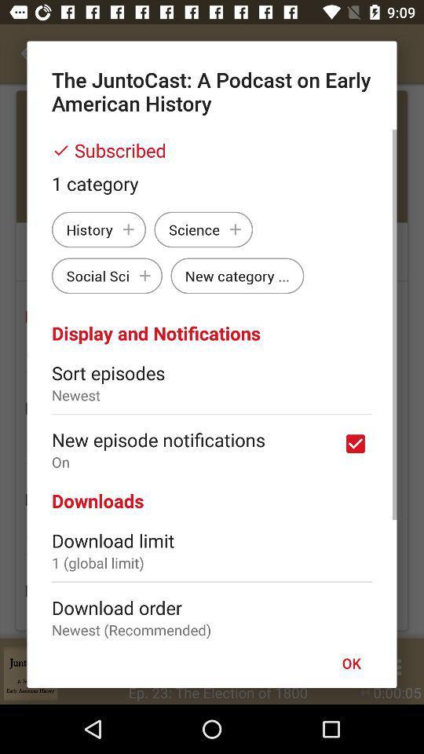 The width and height of the screenshot is (424, 754). I want to click on the 1 category item, so click(212, 183).